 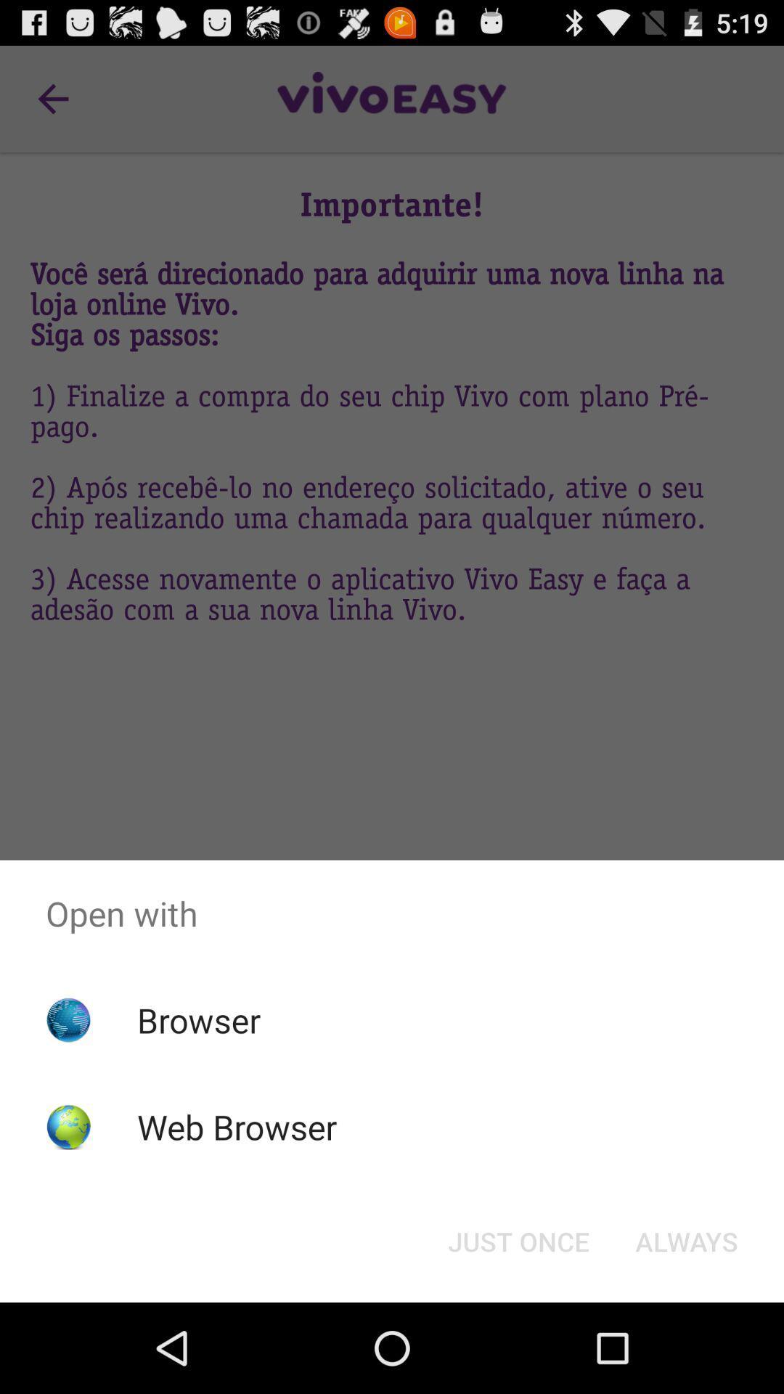 What do you see at coordinates (686, 1240) in the screenshot?
I see `the always item` at bounding box center [686, 1240].